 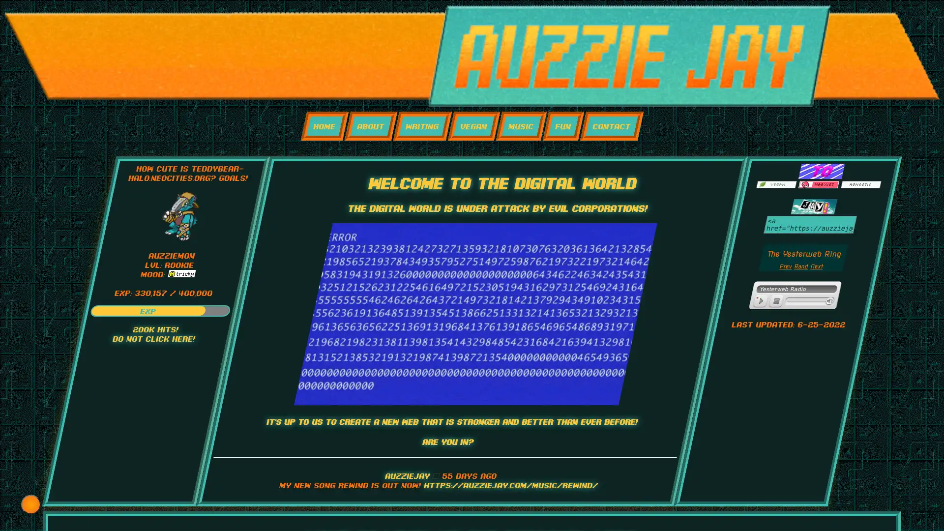 I want to click on ABOUT, so click(x=370, y=125).